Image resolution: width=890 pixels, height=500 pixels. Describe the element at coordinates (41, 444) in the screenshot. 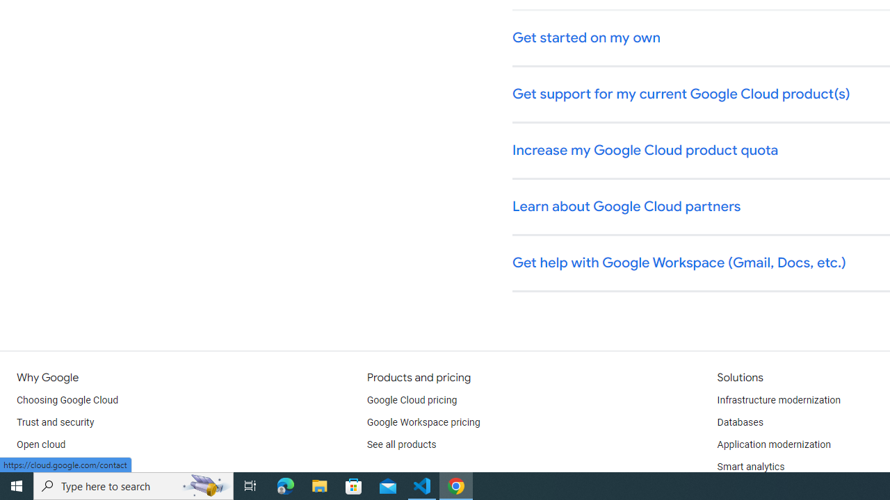

I see `'Open cloud'` at that location.